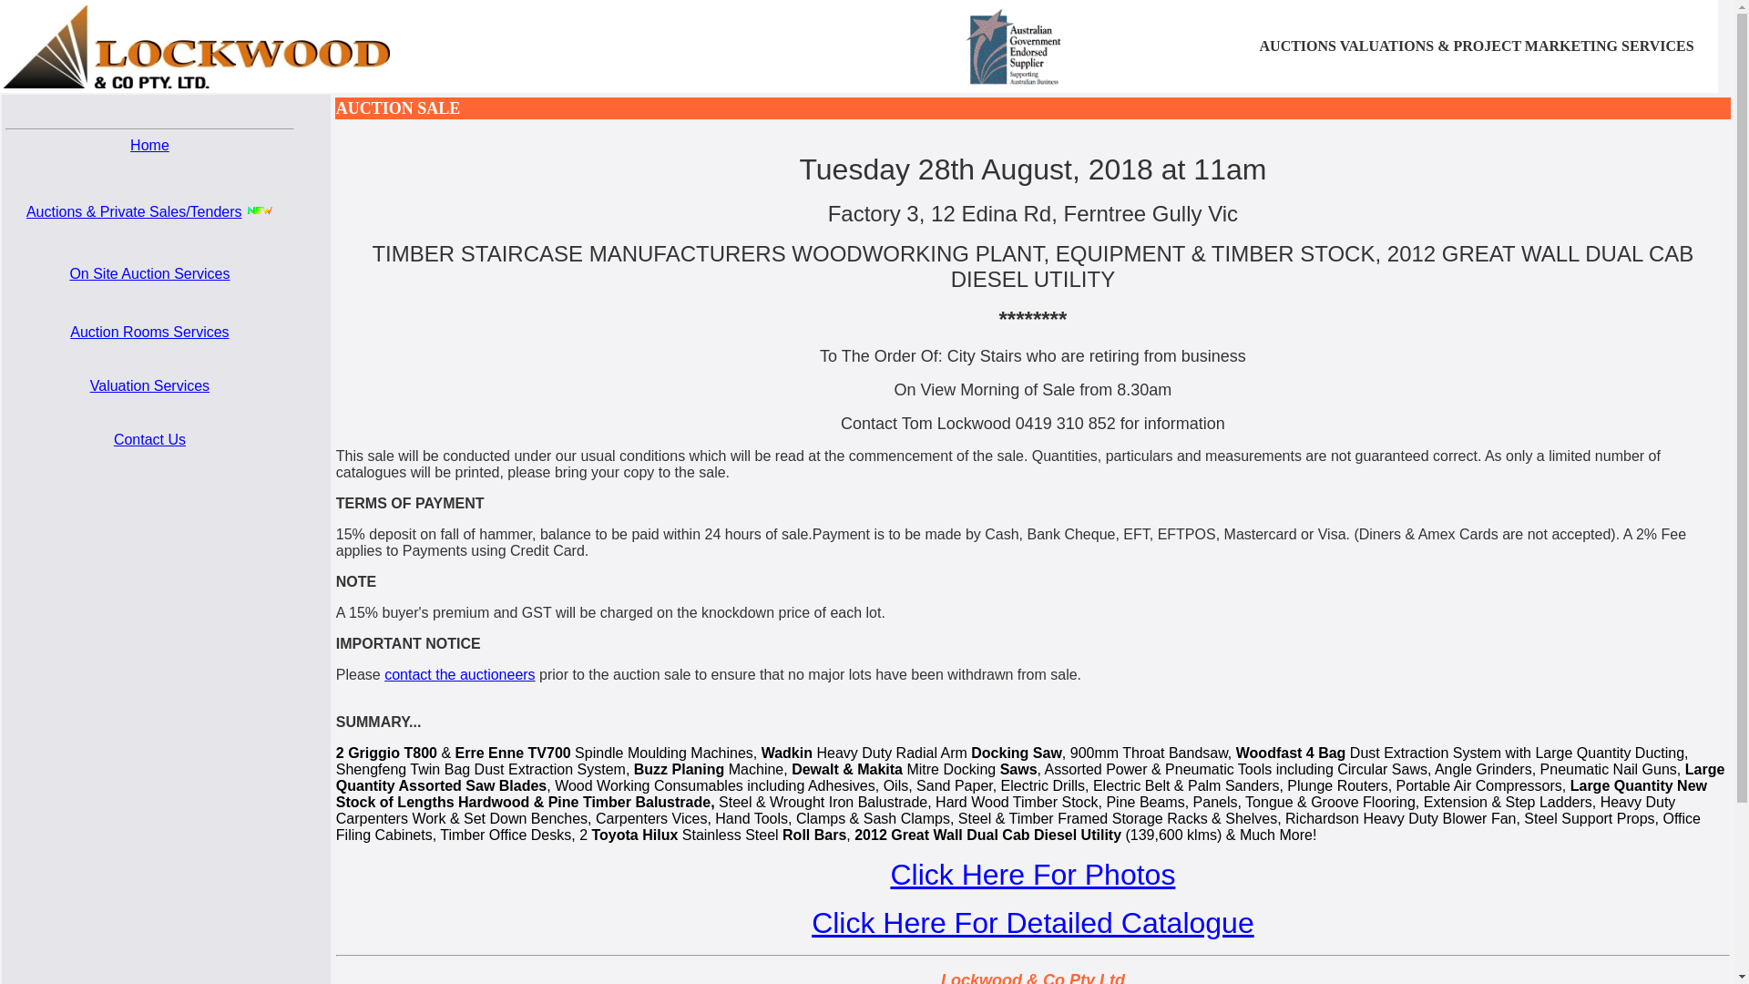 The width and height of the screenshot is (1749, 984). Describe the element at coordinates (149, 384) in the screenshot. I see `'Valuation Services'` at that location.